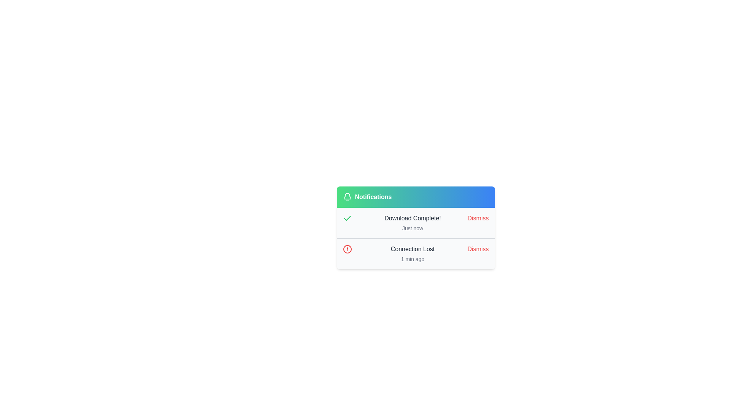  Describe the element at coordinates (415, 238) in the screenshot. I see `details of the notifications in the notification list, specifically focusing on 'Download Complete!' and 'Connection Lost'` at that location.